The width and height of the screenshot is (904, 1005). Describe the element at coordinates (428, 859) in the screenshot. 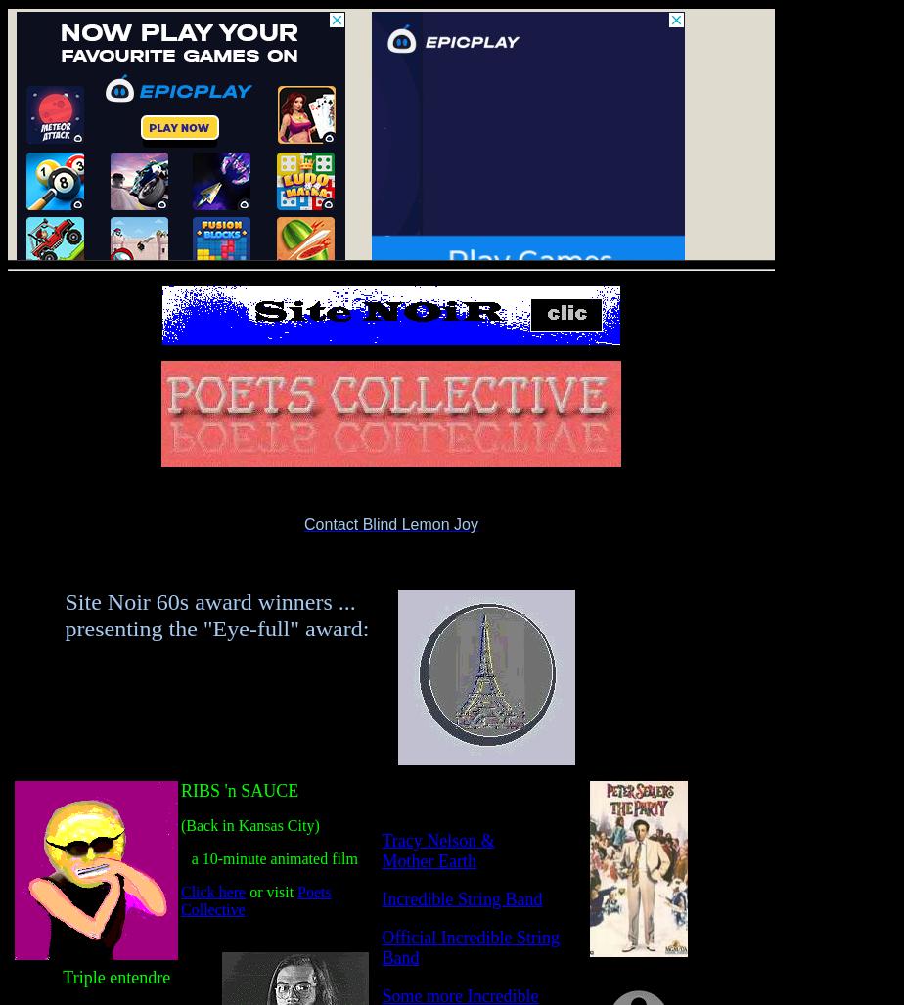

I see `'Mother Earth'` at that location.